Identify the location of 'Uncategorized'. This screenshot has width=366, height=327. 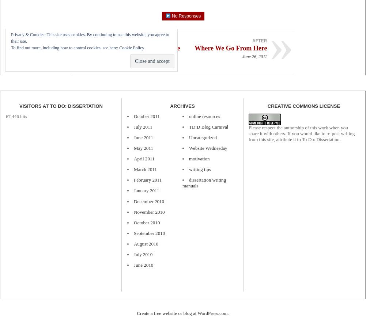
(189, 137).